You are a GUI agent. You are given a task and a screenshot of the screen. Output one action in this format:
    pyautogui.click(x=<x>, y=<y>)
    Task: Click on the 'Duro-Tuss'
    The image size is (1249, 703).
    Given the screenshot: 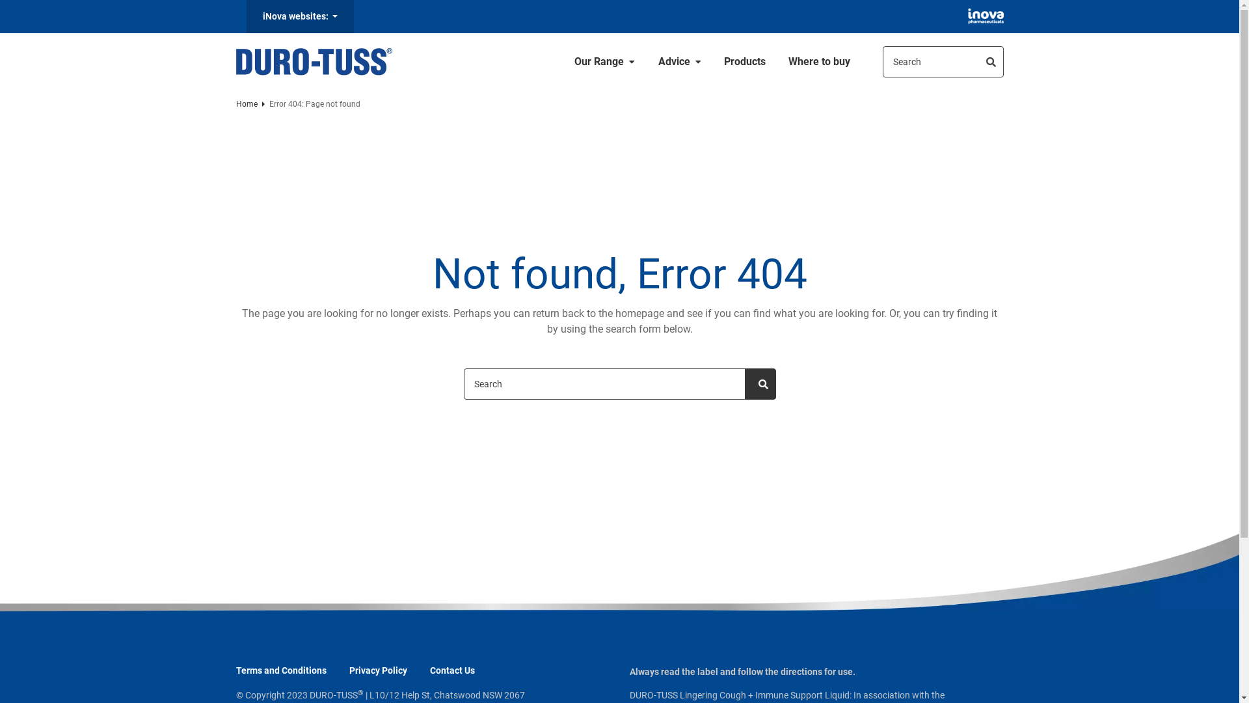 What is the action you would take?
    pyautogui.click(x=235, y=62)
    